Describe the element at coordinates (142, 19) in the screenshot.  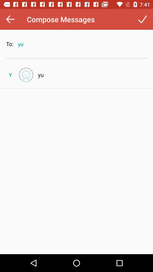
I see `the item to the right of compose messages icon` at that location.